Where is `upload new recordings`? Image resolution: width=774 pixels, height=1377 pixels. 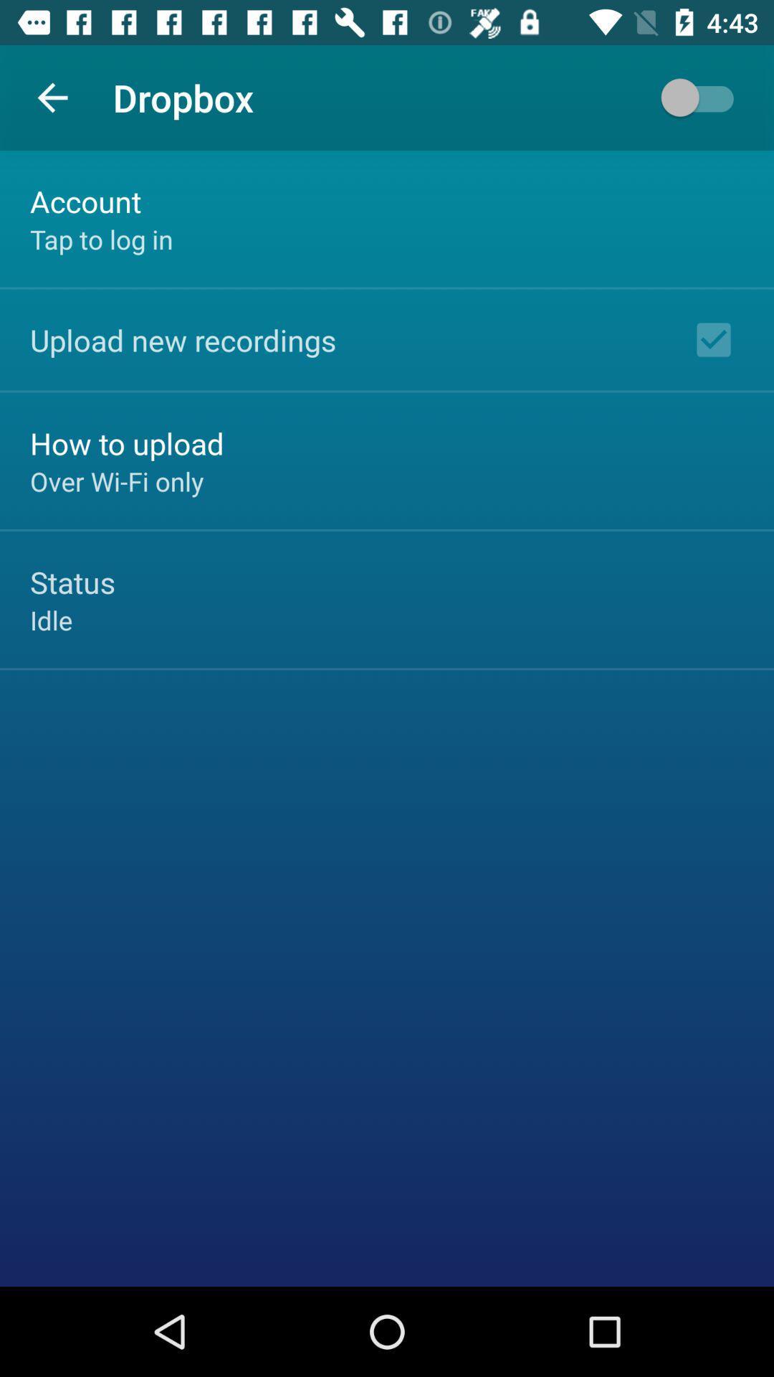 upload new recordings is located at coordinates (182, 339).